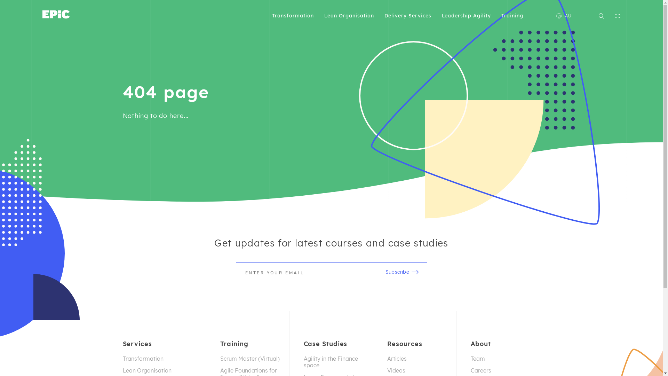 The image size is (668, 376). What do you see at coordinates (253, 343) in the screenshot?
I see `'Training'` at bounding box center [253, 343].